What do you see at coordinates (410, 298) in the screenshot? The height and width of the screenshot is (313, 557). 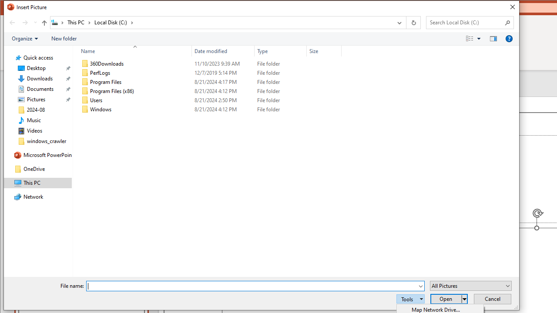 I see `'Tools'` at bounding box center [410, 298].